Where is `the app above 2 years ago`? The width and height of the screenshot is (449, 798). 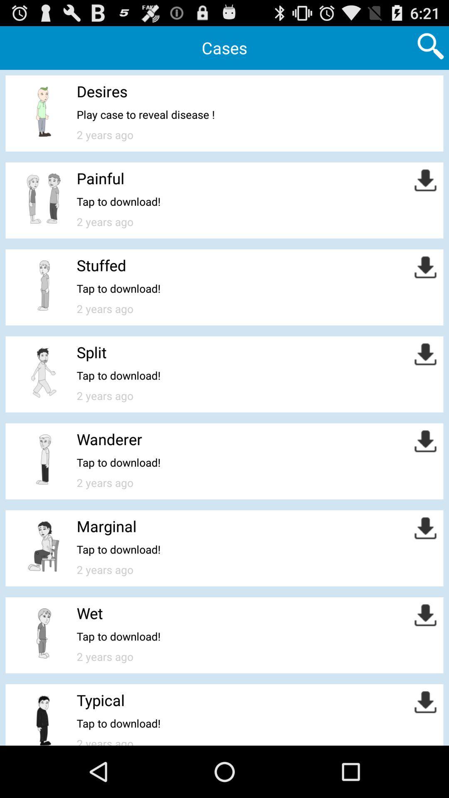
the app above 2 years ago is located at coordinates (145, 114).